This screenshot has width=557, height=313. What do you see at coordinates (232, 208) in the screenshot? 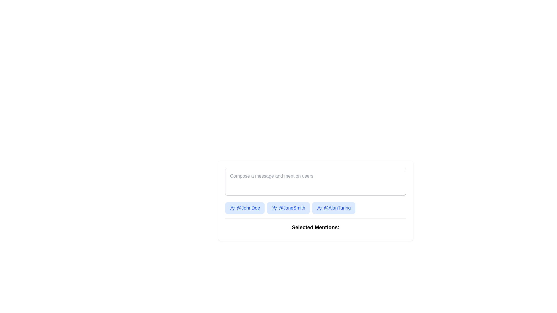
I see `the user profile picture silhouette icon with a check mark overlay, which is styled with a blue outline and located next to the text '@JohnDoe' in the mention tags` at bounding box center [232, 208].